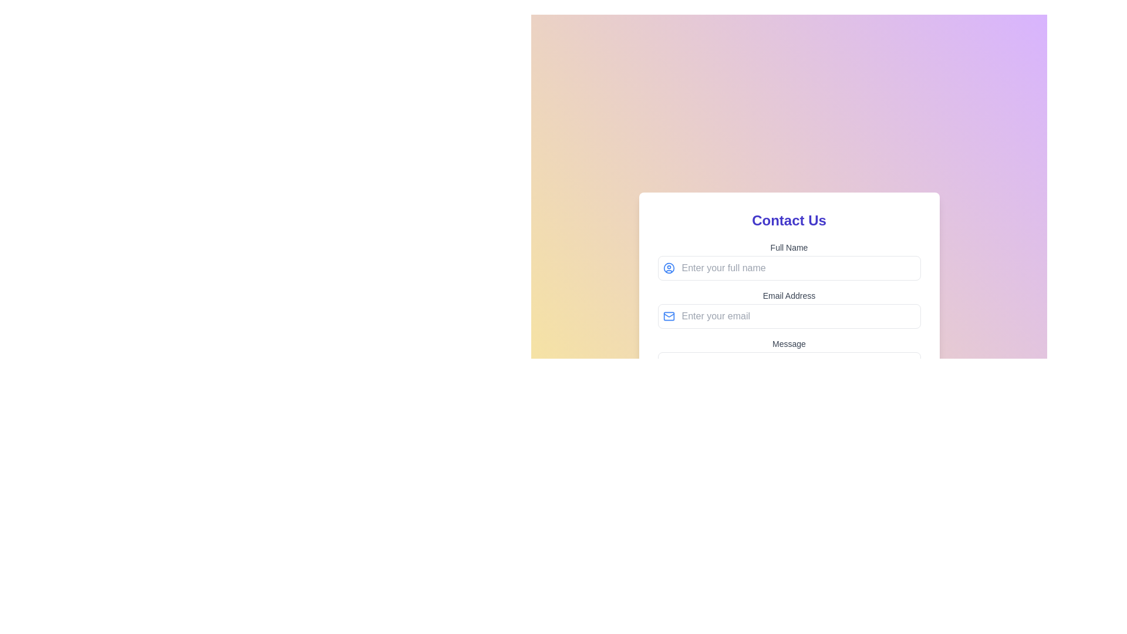  Describe the element at coordinates (789, 343) in the screenshot. I see `the 'Message' text label, which is styled in a medium-weight font and is positioned directly above the 'Message' text input box, centered horizontally in the form layout` at that location.